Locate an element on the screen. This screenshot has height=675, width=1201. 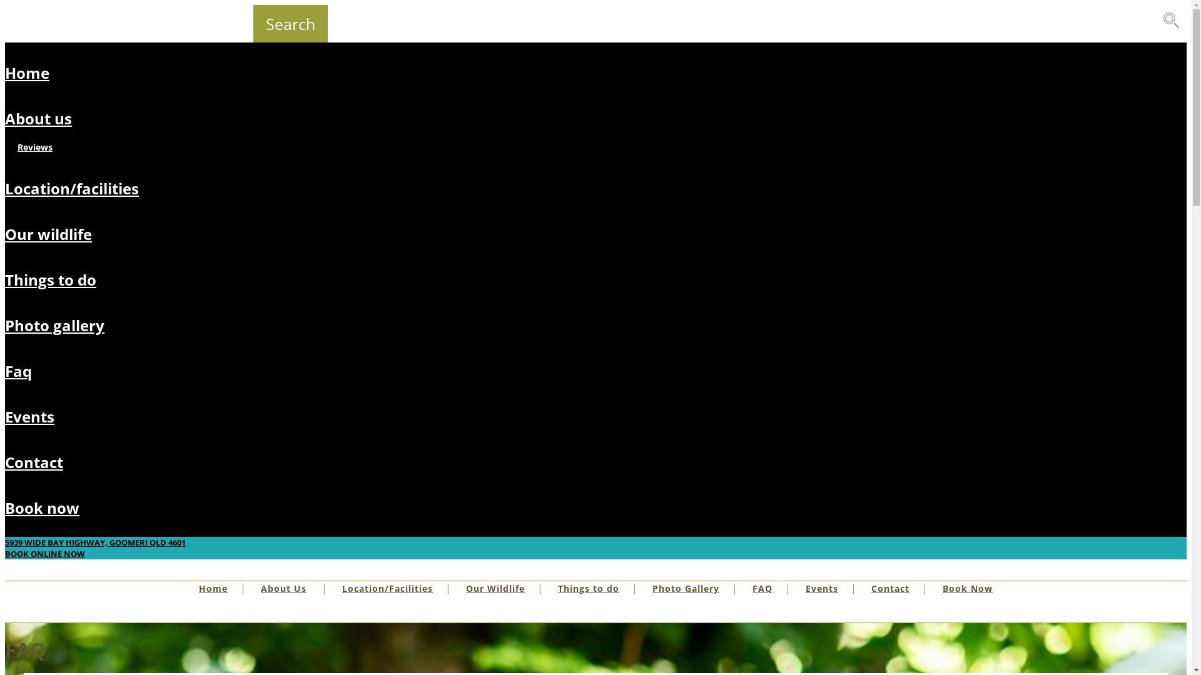
'Search' is located at coordinates (290, 24).